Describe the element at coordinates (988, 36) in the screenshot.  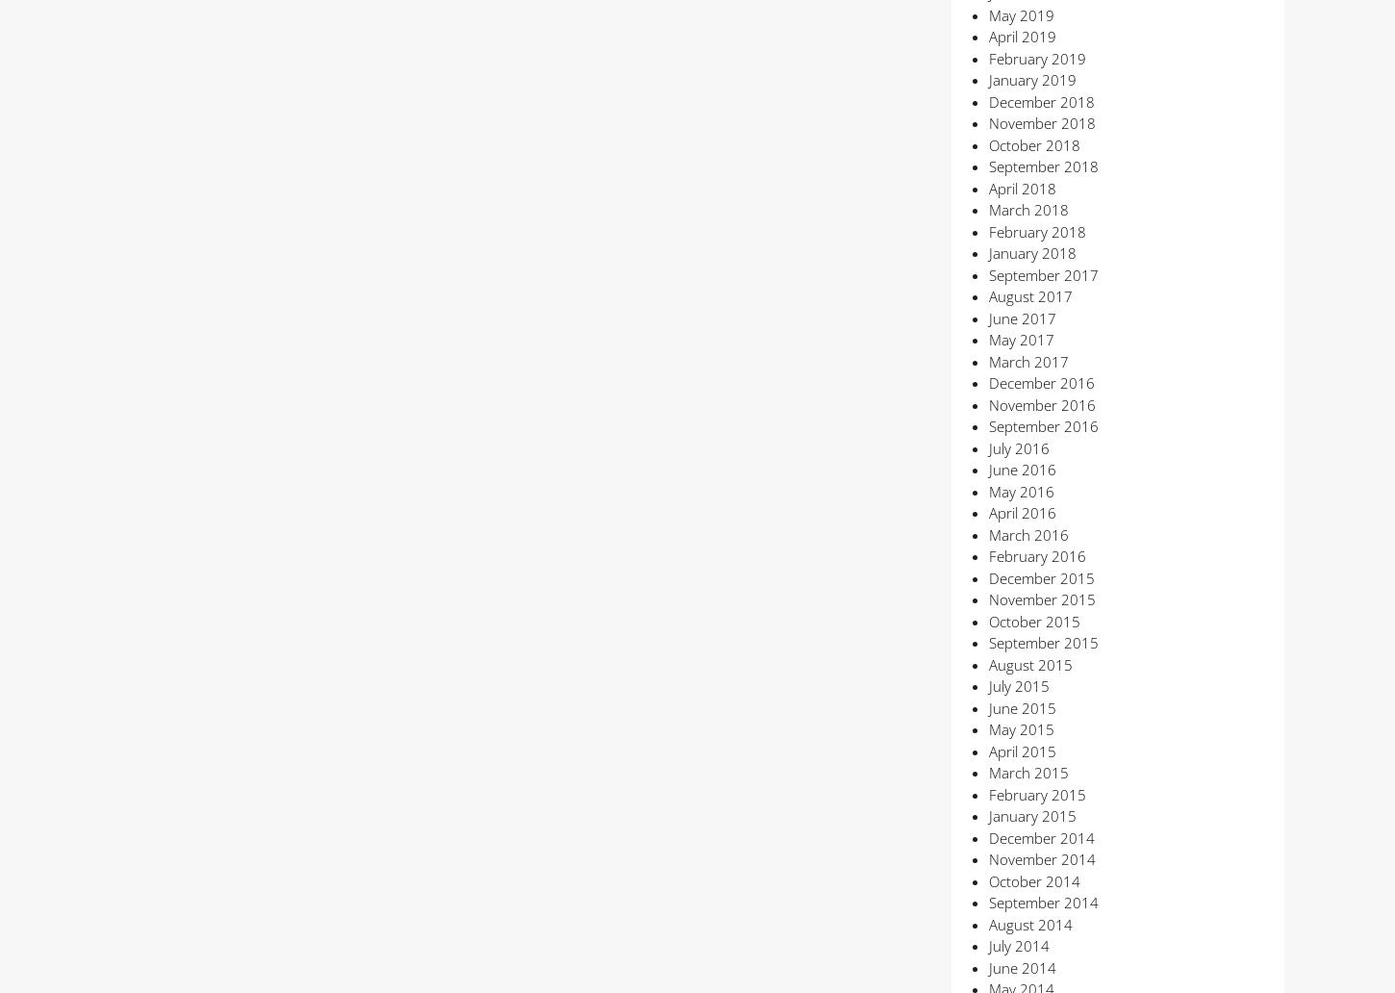
I see `'April 2019'` at that location.